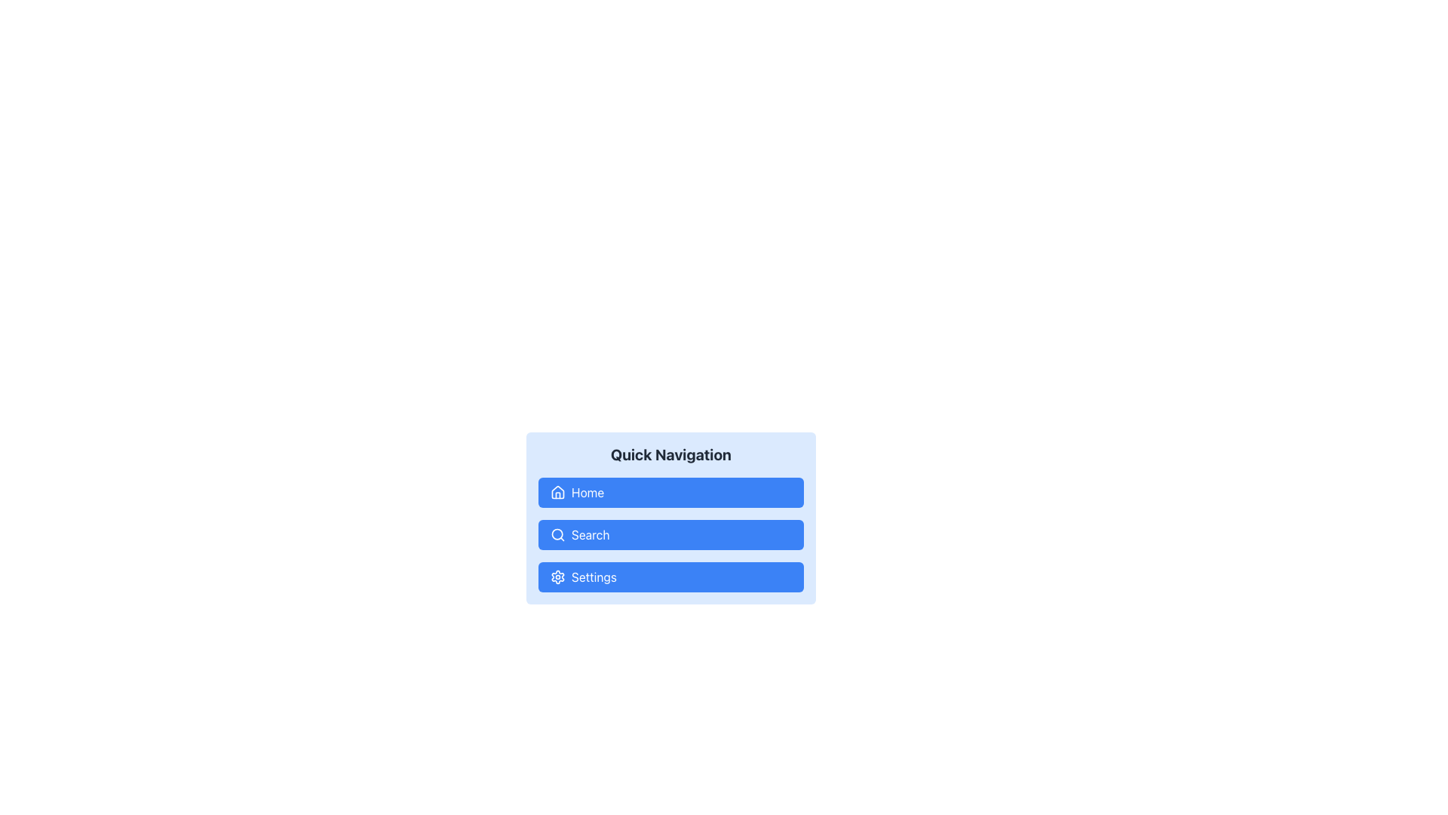 This screenshot has height=815, width=1448. I want to click on the upper segment of the house-shaped icon representing the 'Home' navigation option, so click(557, 491).